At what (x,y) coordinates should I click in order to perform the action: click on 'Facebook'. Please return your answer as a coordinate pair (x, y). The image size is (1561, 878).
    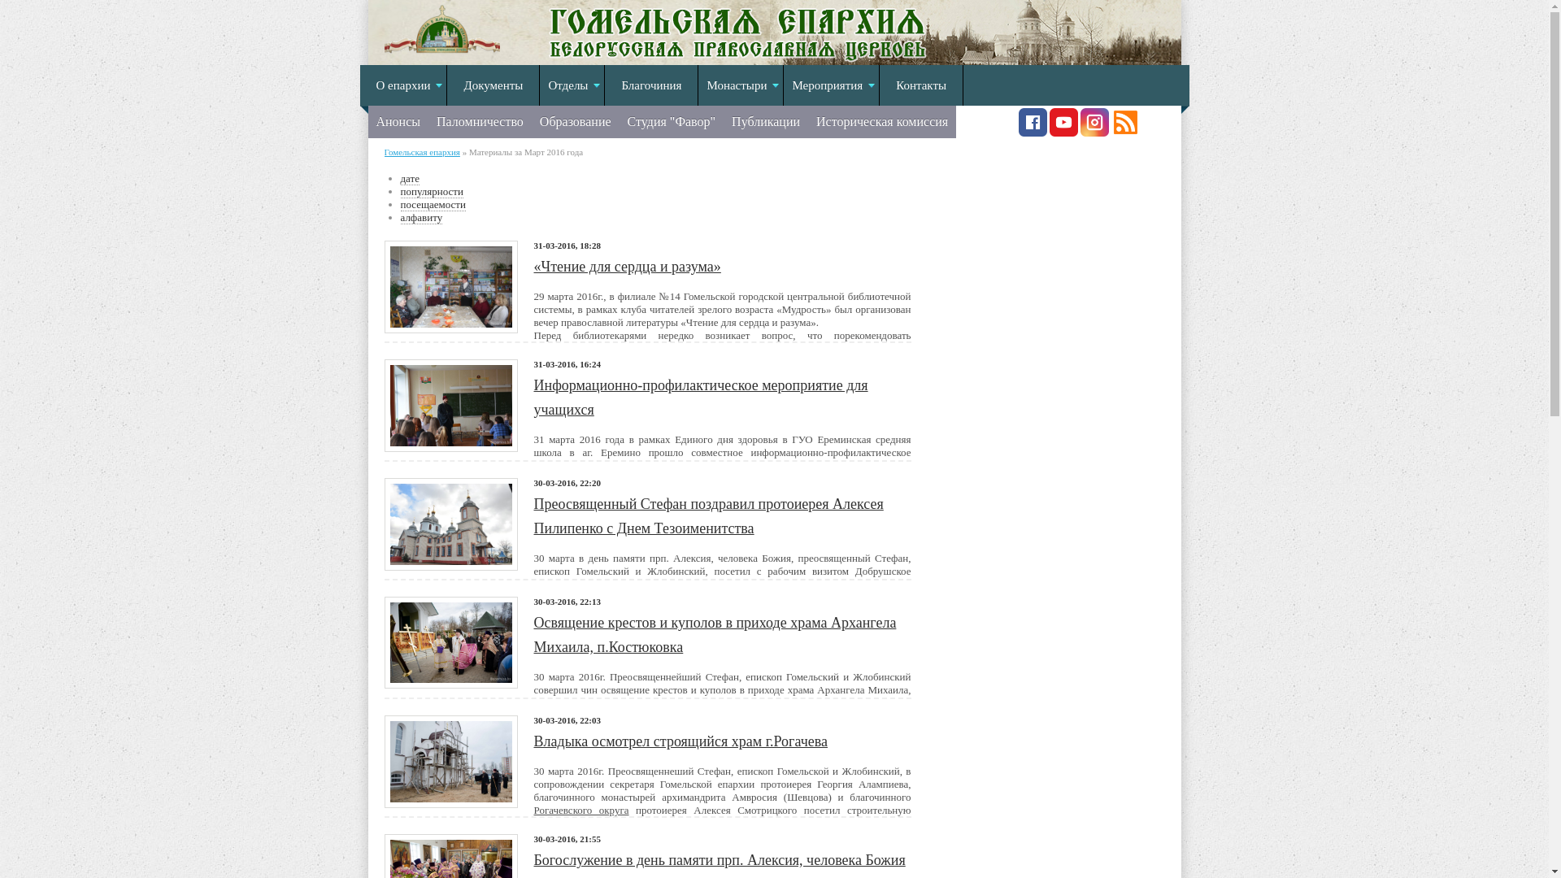
    Looking at the image, I should click on (1031, 132).